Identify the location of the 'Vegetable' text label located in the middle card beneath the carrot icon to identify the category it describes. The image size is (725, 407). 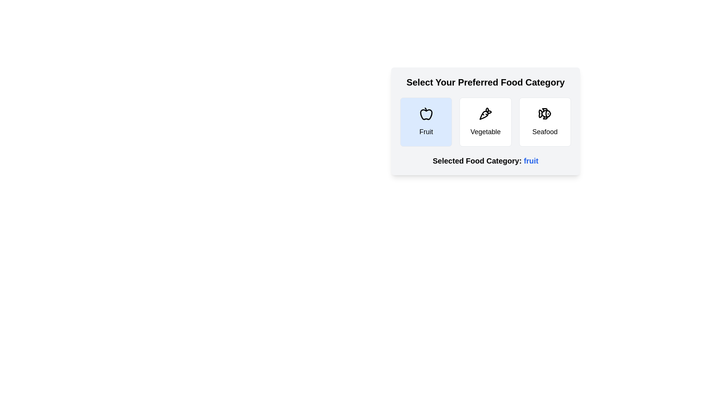
(486, 132).